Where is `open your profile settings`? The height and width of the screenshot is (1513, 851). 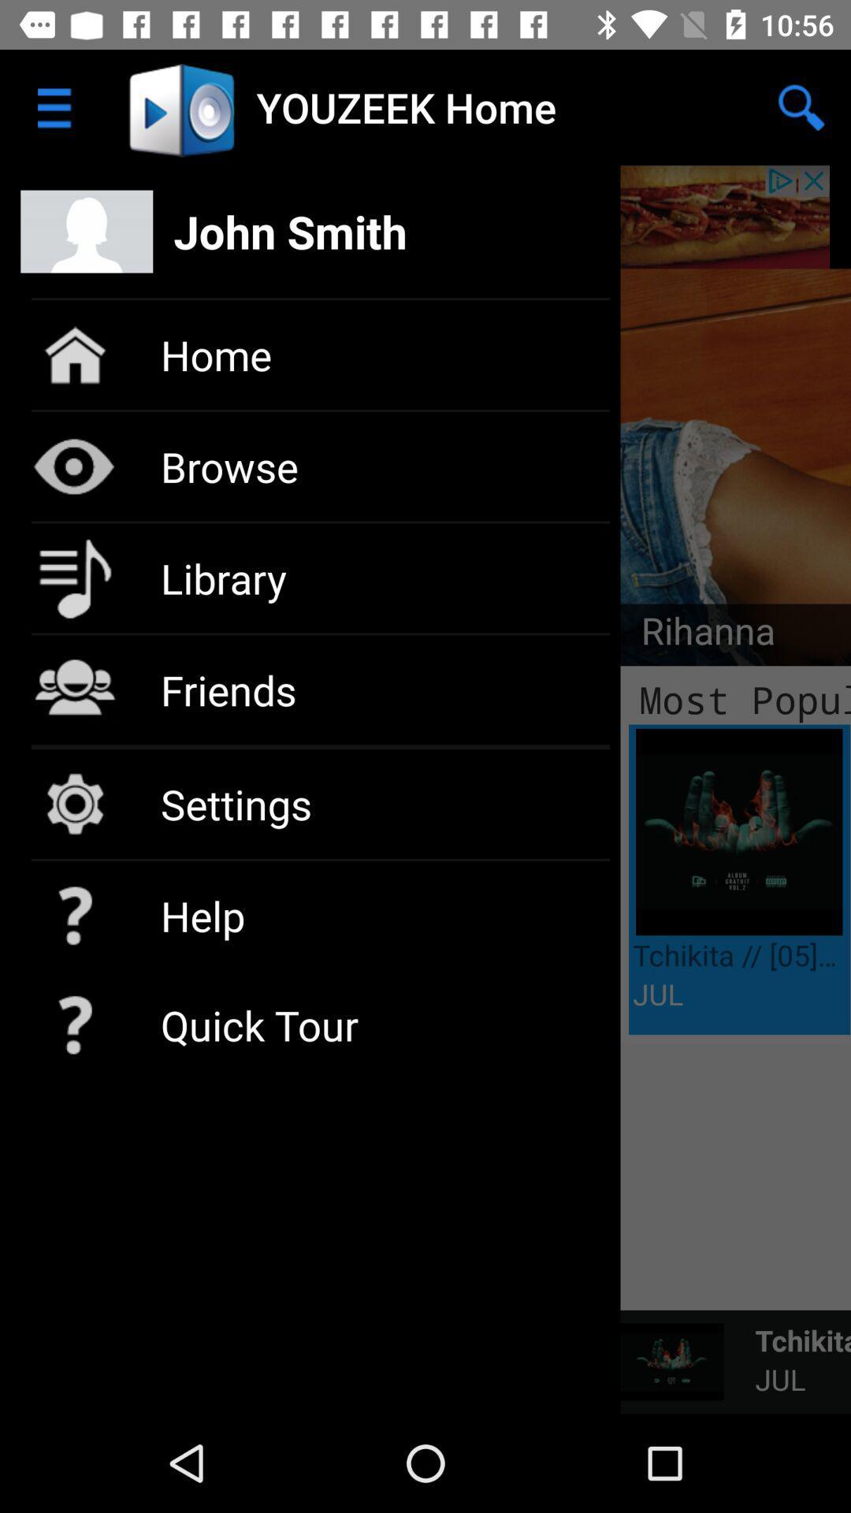 open your profile settings is located at coordinates (425, 216).